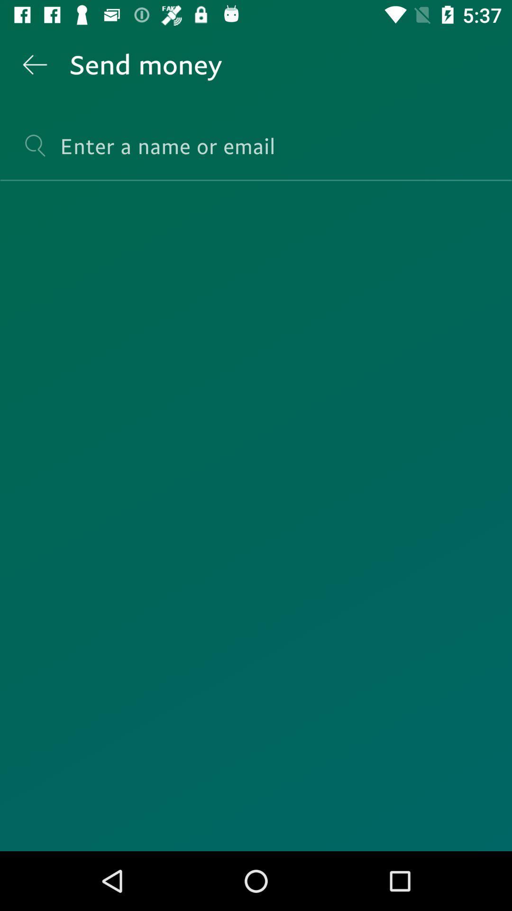  I want to click on search name or email, so click(256, 154).